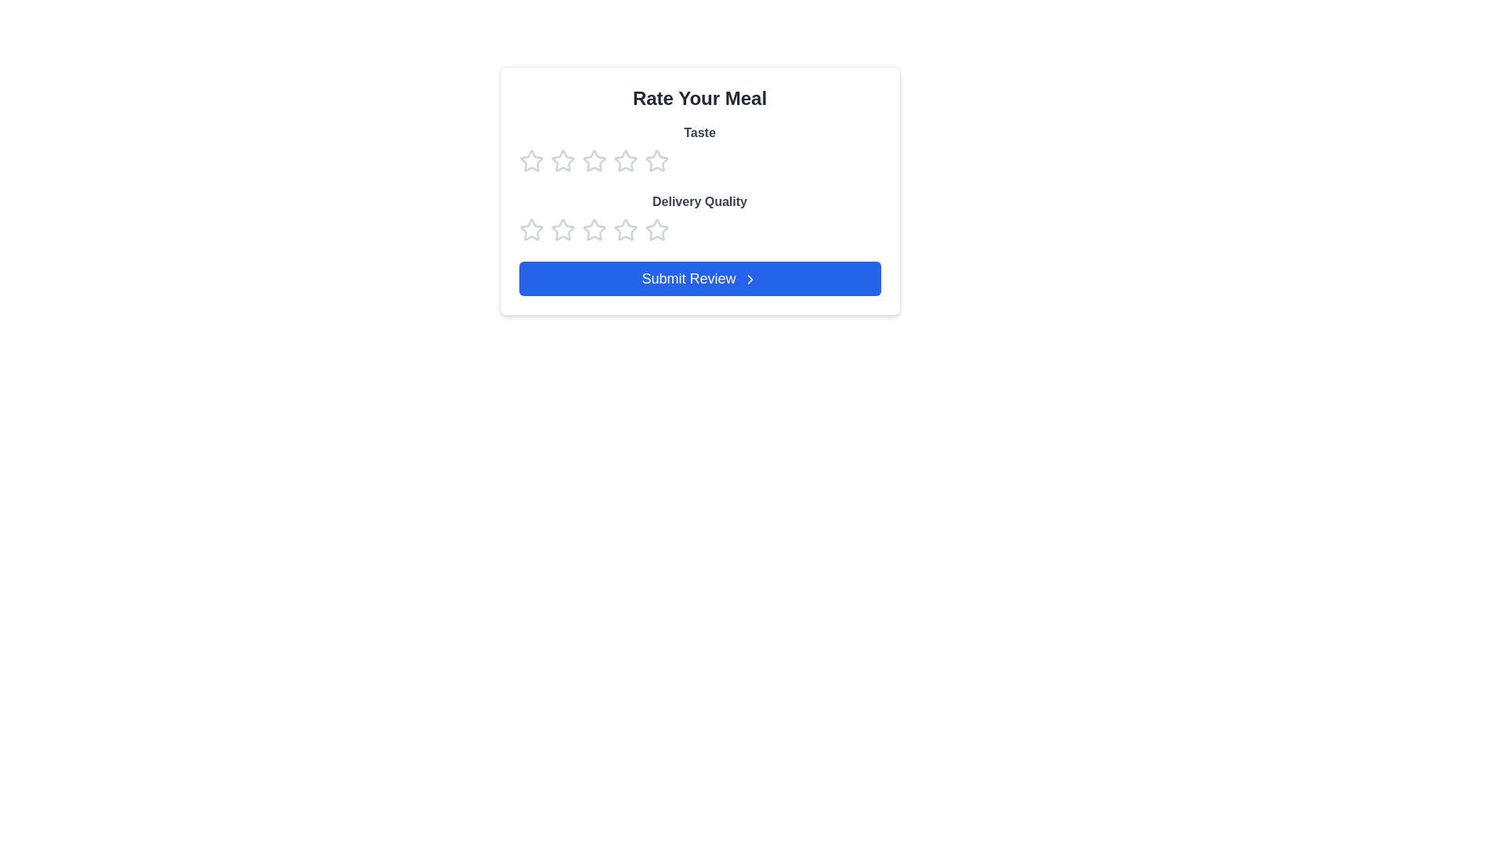  What do you see at coordinates (699, 148) in the screenshot?
I see `the 'Taste' label element located at the top of the rating section` at bounding box center [699, 148].